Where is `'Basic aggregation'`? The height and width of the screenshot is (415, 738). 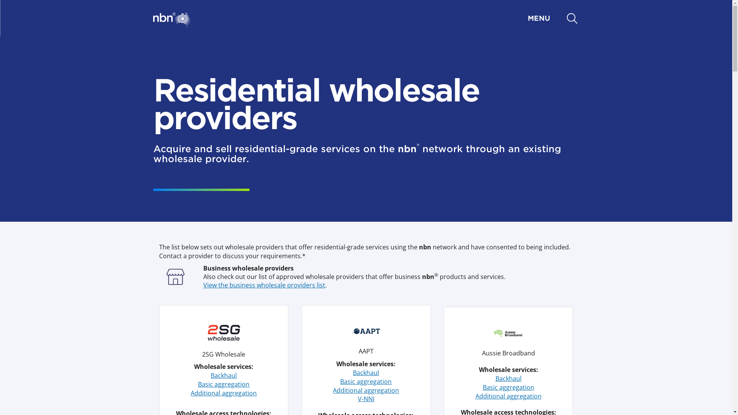 'Basic aggregation' is located at coordinates (509, 387).